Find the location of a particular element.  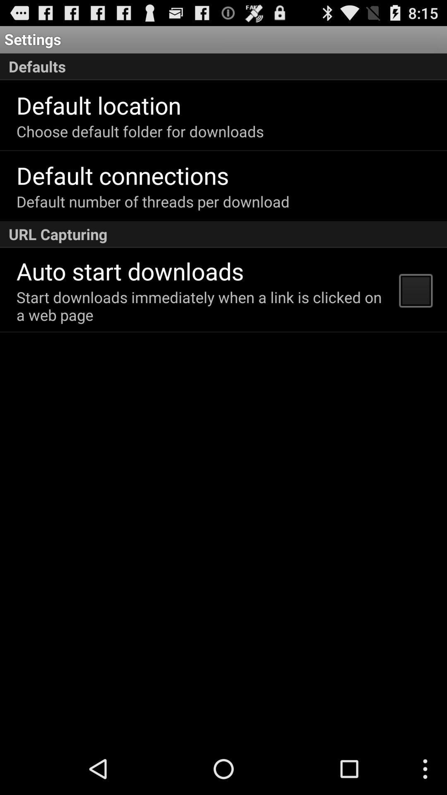

the item above default location item is located at coordinates (223, 67).